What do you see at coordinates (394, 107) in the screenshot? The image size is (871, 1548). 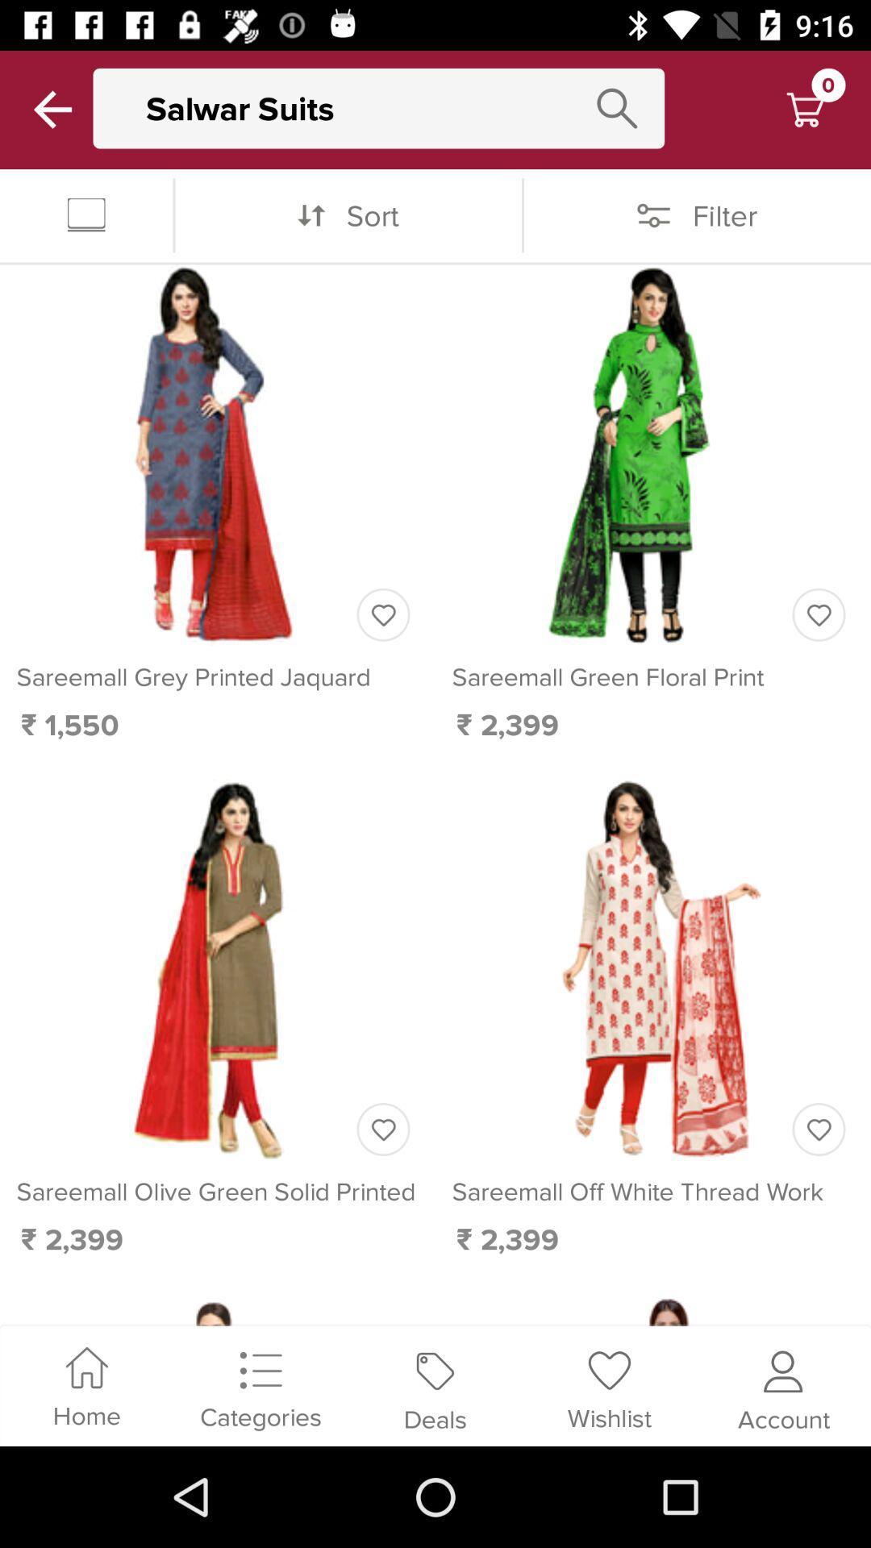 I see `salwar suits` at bounding box center [394, 107].